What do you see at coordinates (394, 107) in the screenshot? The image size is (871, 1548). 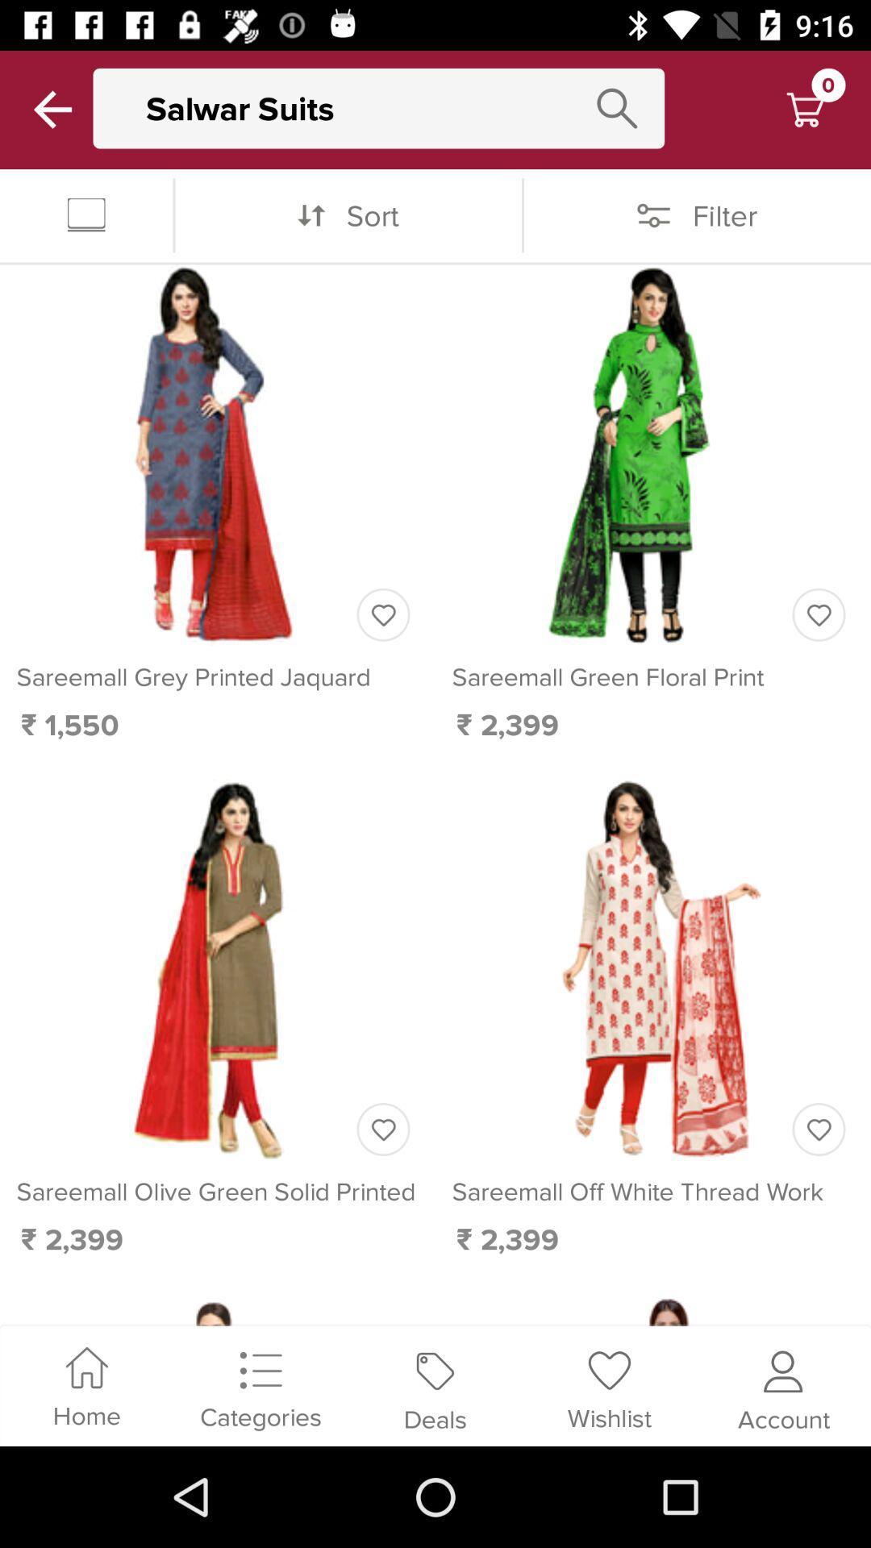 I see `salwar suits` at bounding box center [394, 107].